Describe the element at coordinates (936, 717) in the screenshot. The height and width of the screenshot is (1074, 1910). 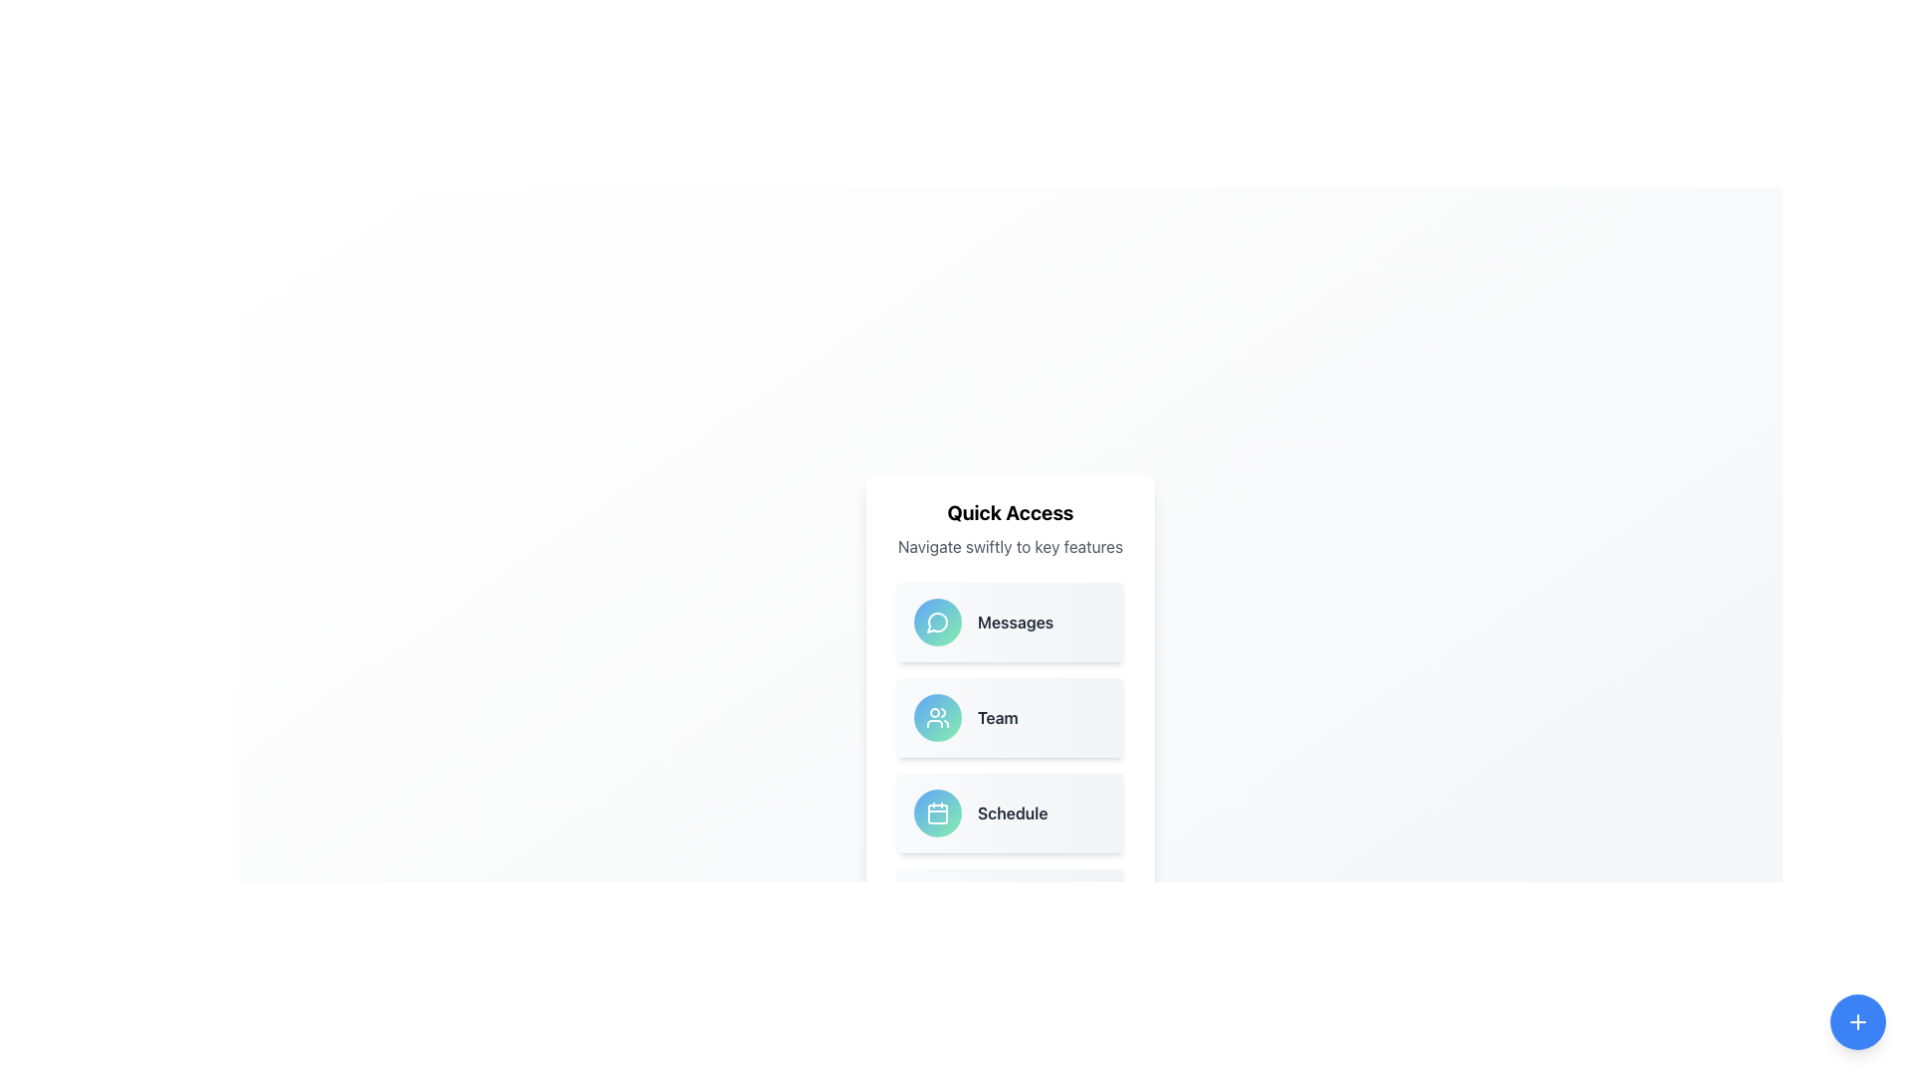
I see `the circular icon with a gradient blue to green background that contains a white outline of two user figures, which is the second icon in the vertical list within the 'Quick Access' panel` at that location.